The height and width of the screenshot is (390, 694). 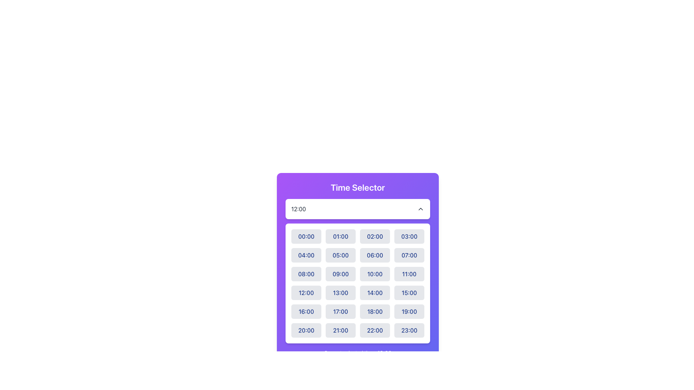 I want to click on a time slot in the grid layout displaying time intervals, which is located directly below the purple header labeled 'Time Selector', so click(x=357, y=271).